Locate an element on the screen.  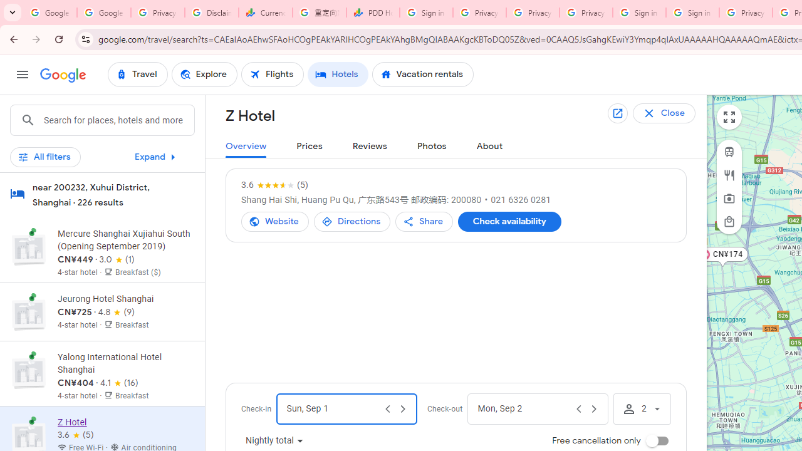
'Expand' is located at coordinates (157, 156).